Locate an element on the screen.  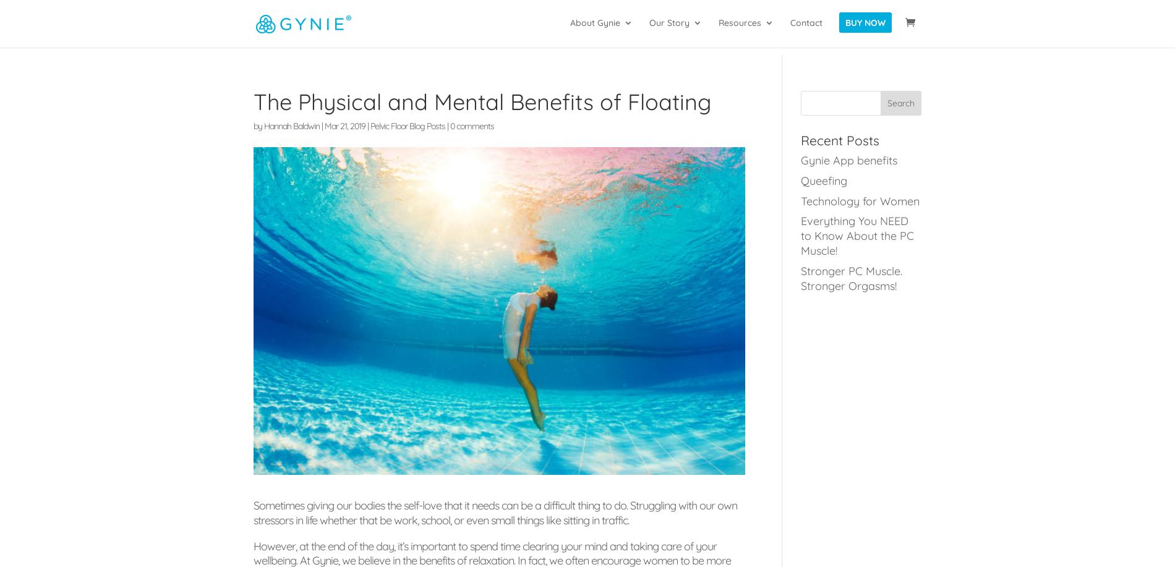
'BUY NOW' is located at coordinates (865, 30).